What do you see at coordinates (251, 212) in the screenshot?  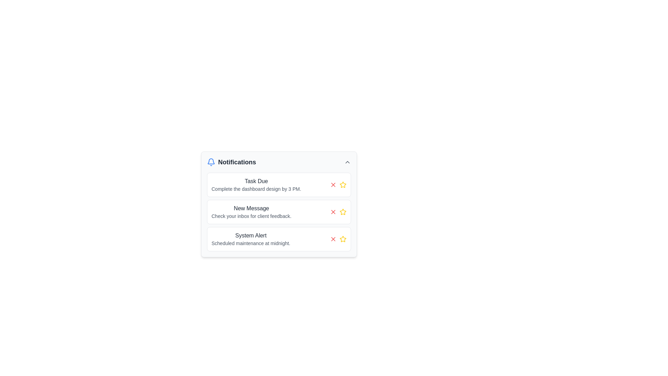 I see `the 'New Message' text block located in the 'Notifications' section, which contains the primary text 'New Message' and secondary text 'Check your inbox for client feedback.'` at bounding box center [251, 212].